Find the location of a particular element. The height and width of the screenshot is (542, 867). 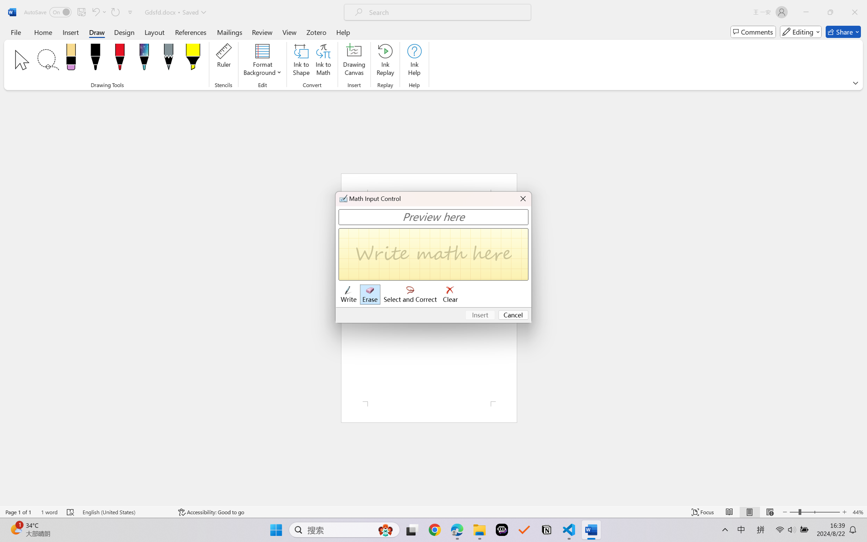

'Cancel' is located at coordinates (513, 315).